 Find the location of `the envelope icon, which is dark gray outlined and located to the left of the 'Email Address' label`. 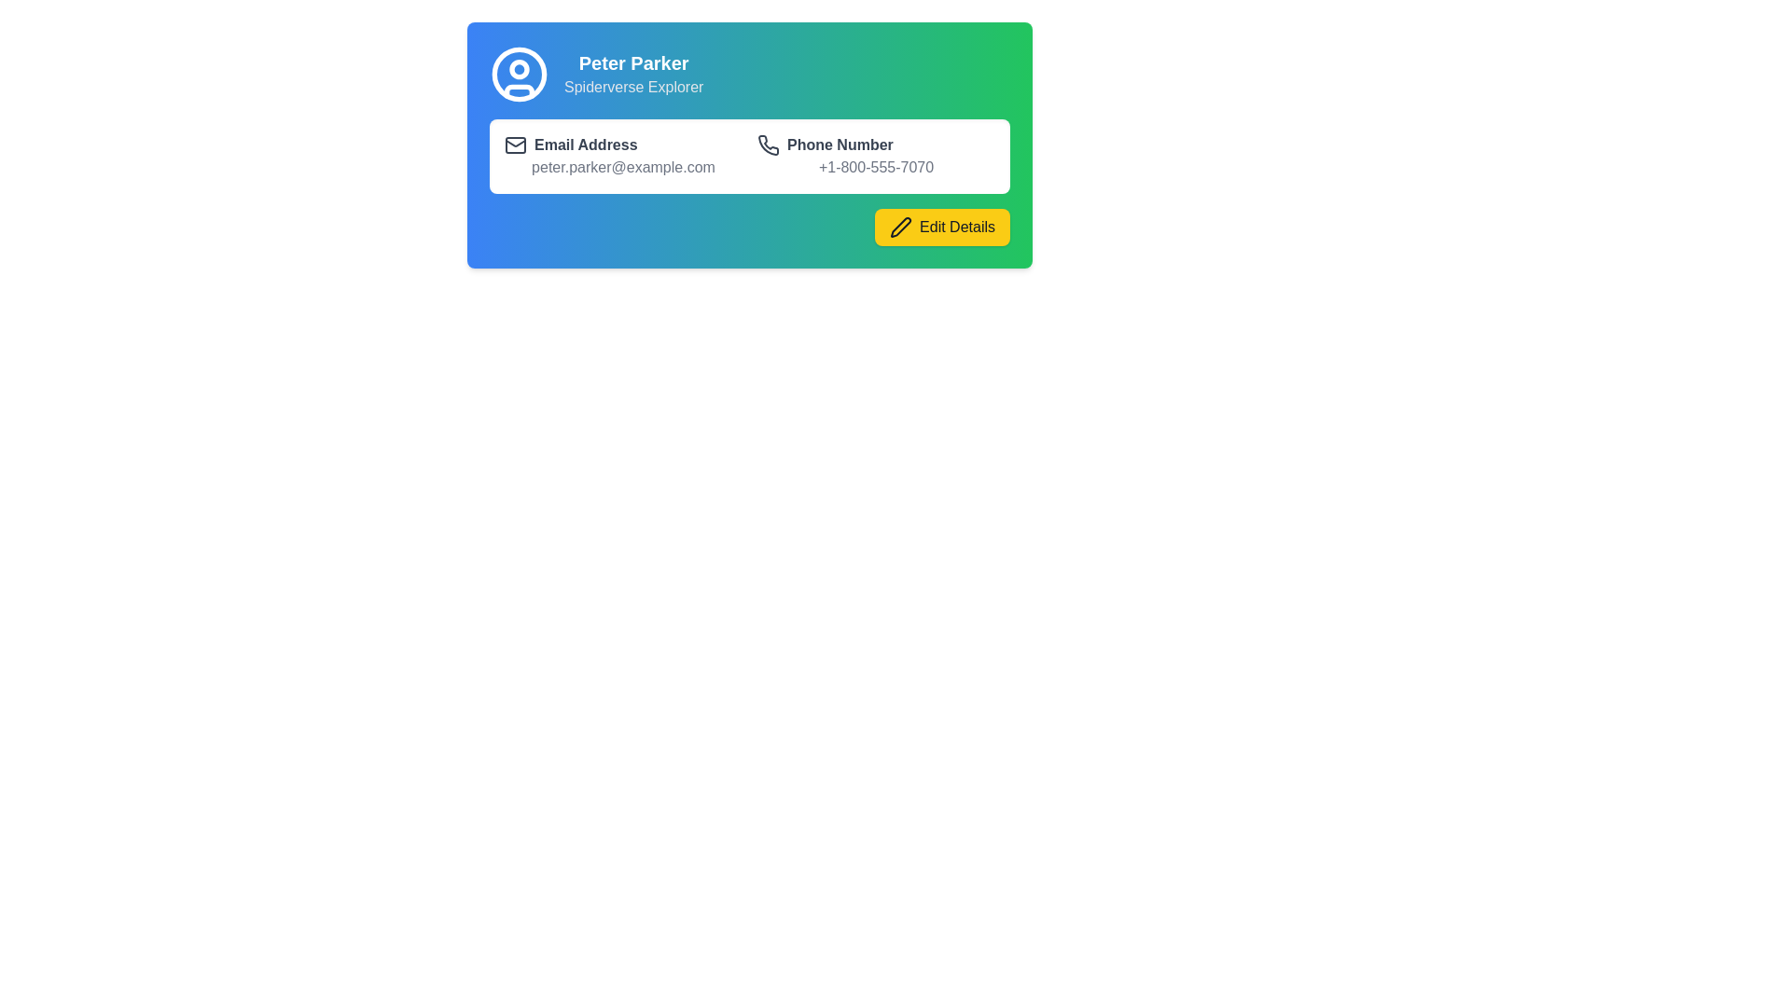

the envelope icon, which is dark gray outlined and located to the left of the 'Email Address' label is located at coordinates (515, 144).